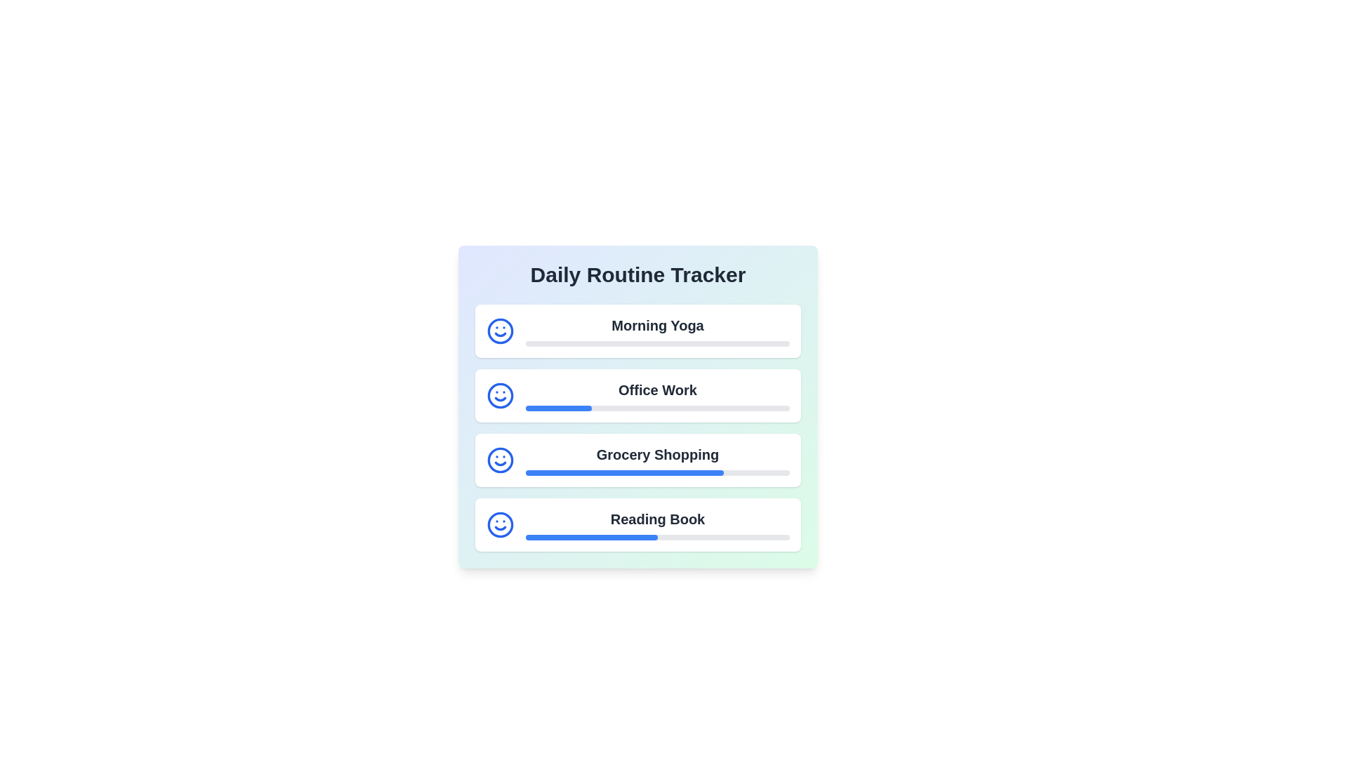 Image resolution: width=1348 pixels, height=758 pixels. What do you see at coordinates (637, 395) in the screenshot?
I see `the routine item Office Work to see additional information` at bounding box center [637, 395].